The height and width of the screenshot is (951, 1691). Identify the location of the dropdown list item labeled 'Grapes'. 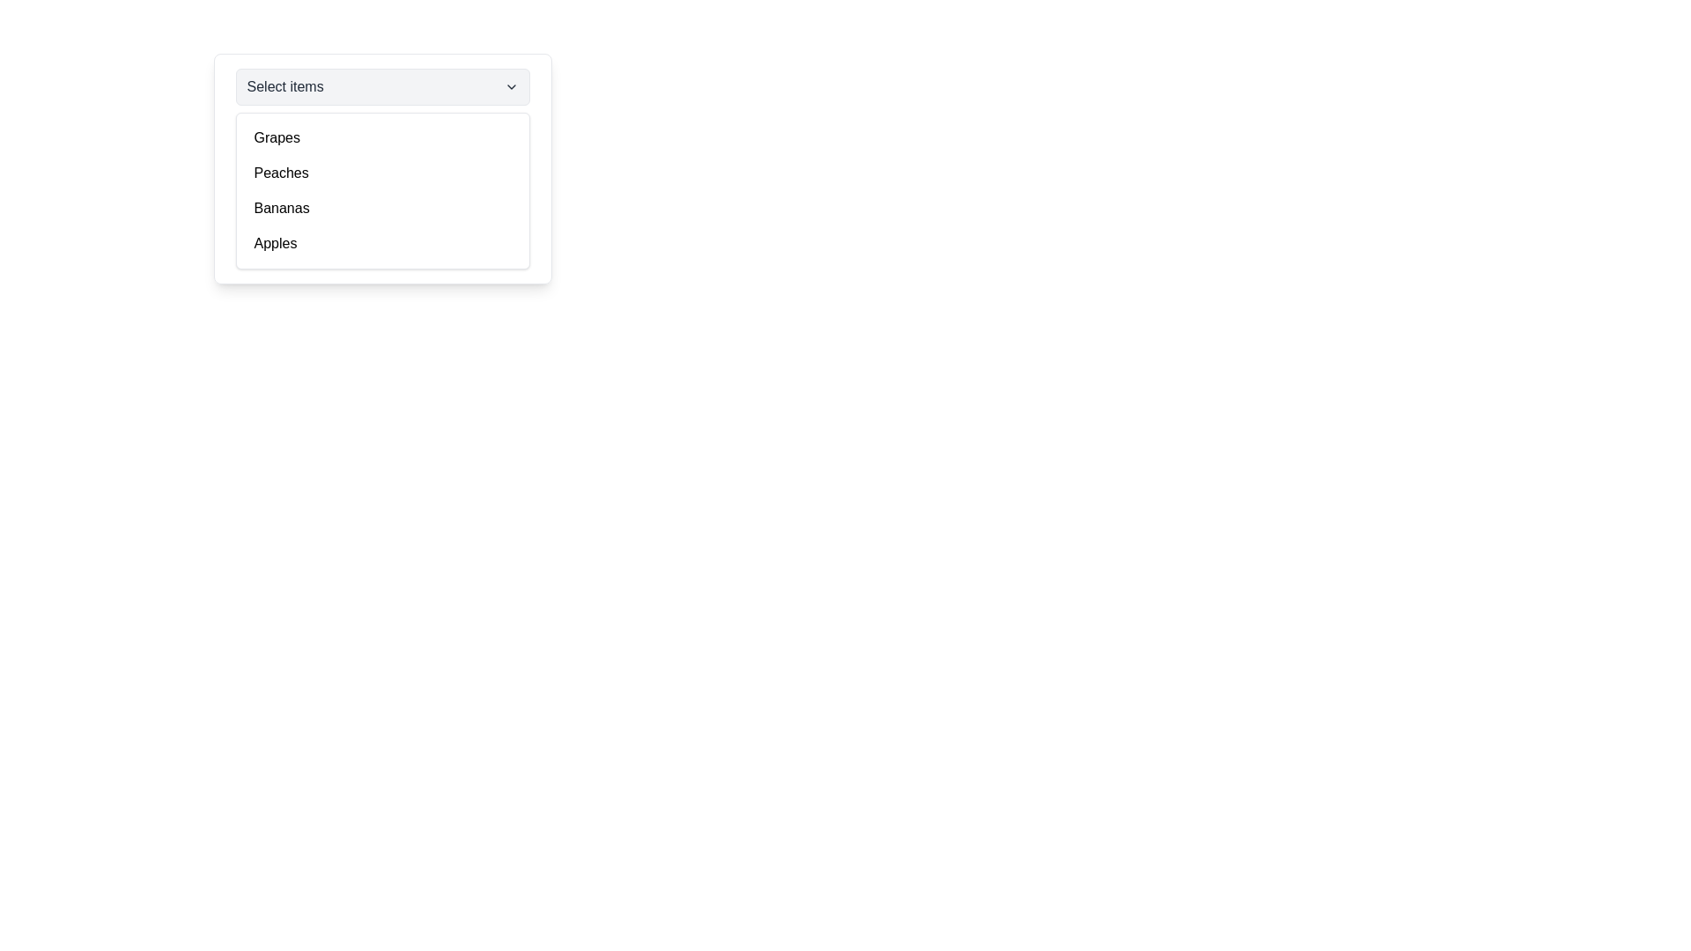
(276, 137).